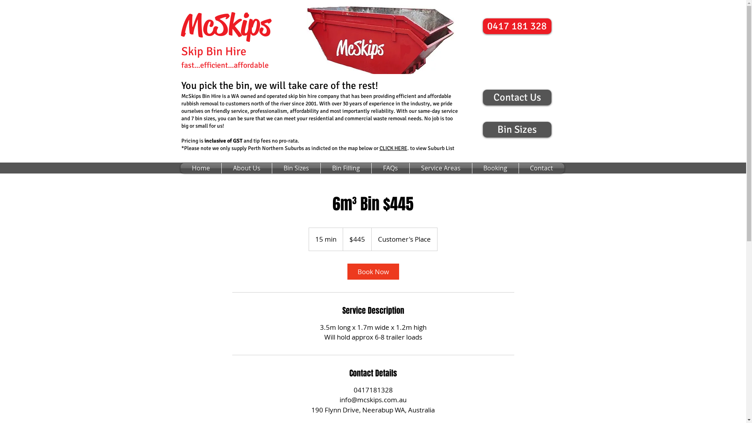 This screenshot has height=423, width=752. Describe the element at coordinates (345, 168) in the screenshot. I see `'Bin Filling'` at that location.